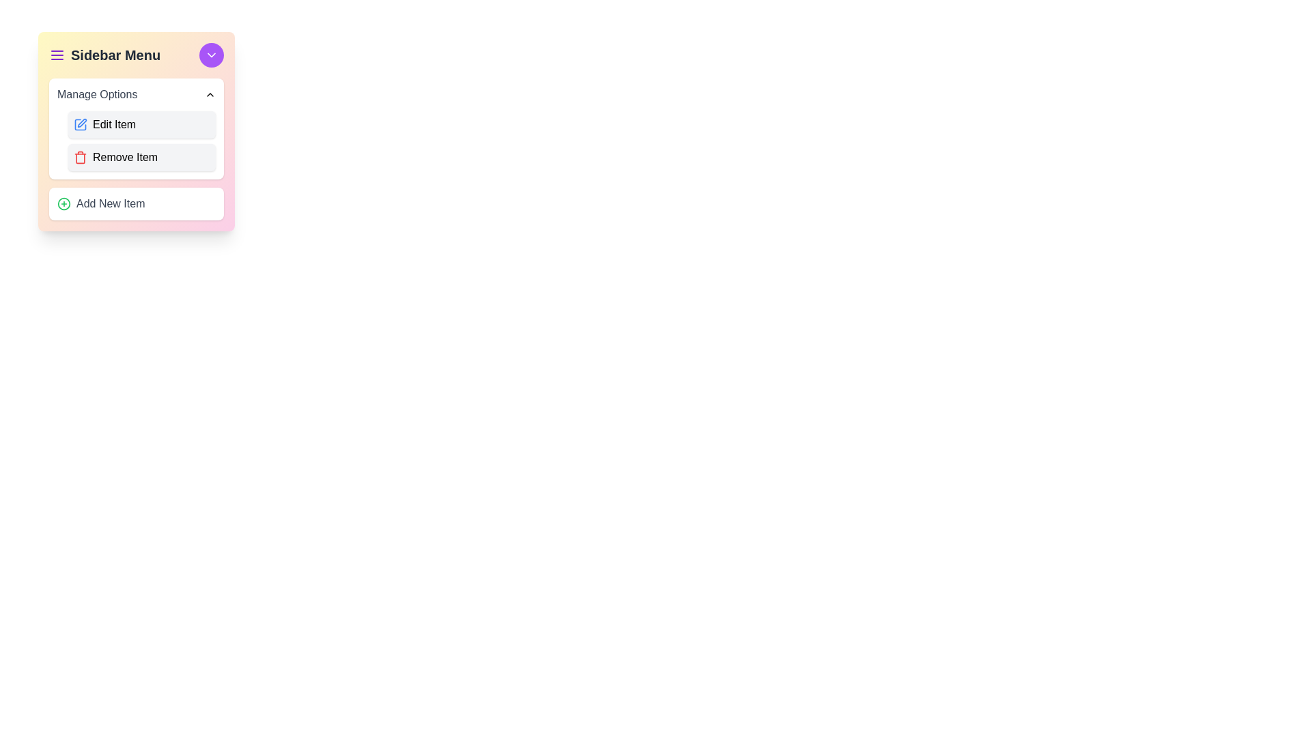  I want to click on the 'Manage Options' text label located in the sidebar menu at the top of a collapsible section, which is styled with medium font weight and gray color, so click(96, 93).